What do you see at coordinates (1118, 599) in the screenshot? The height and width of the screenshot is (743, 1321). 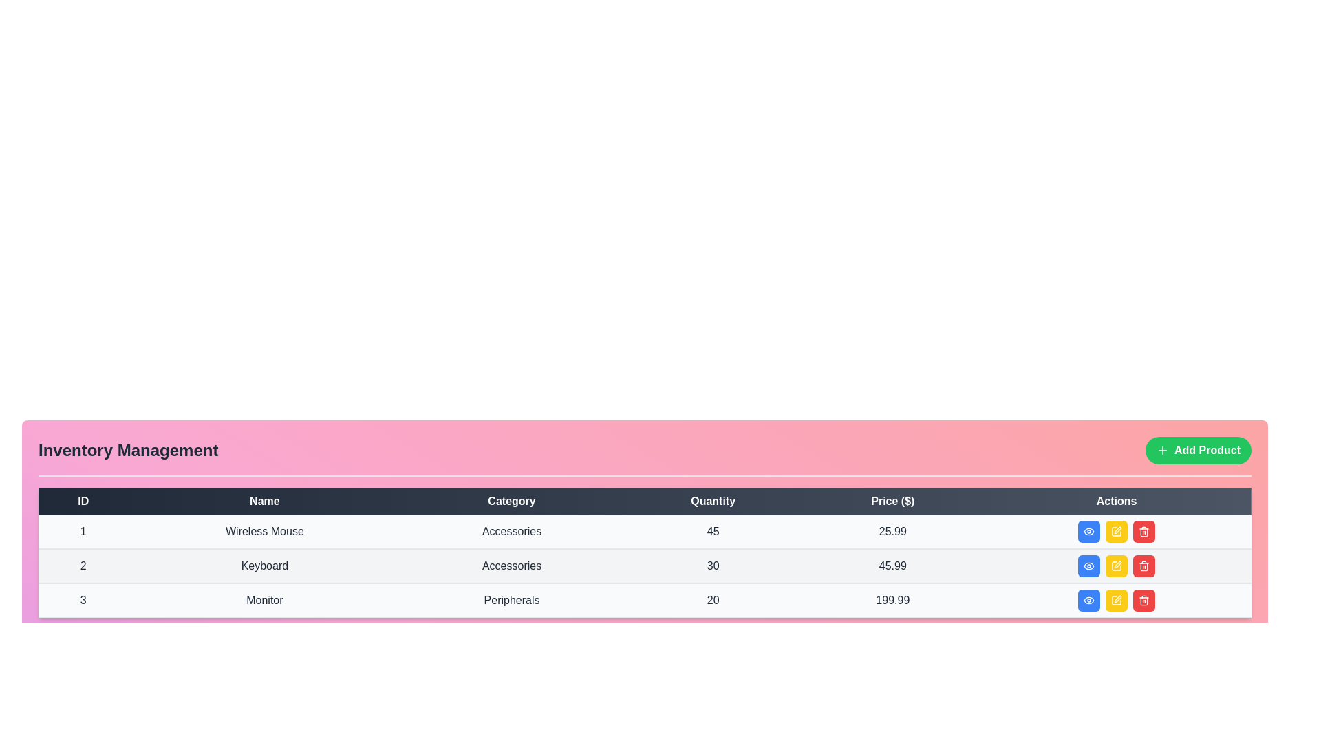 I see `the editing icon button located in the 'Actions' column of the third row in the table` at bounding box center [1118, 599].